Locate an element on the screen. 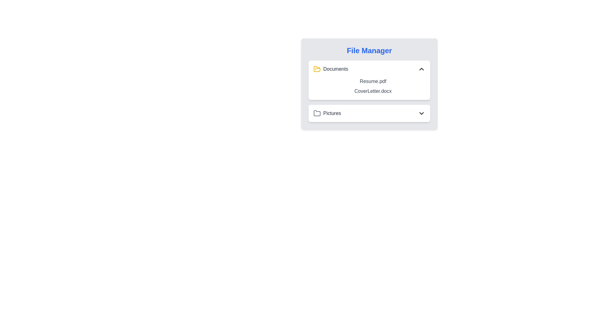  the 'Documents' label with icon located near the top-left corner of the file manager interface is located at coordinates (330, 69).